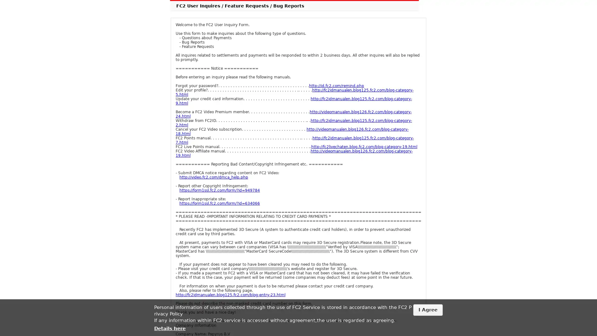  Describe the element at coordinates (428, 310) in the screenshot. I see `I Agree` at that location.